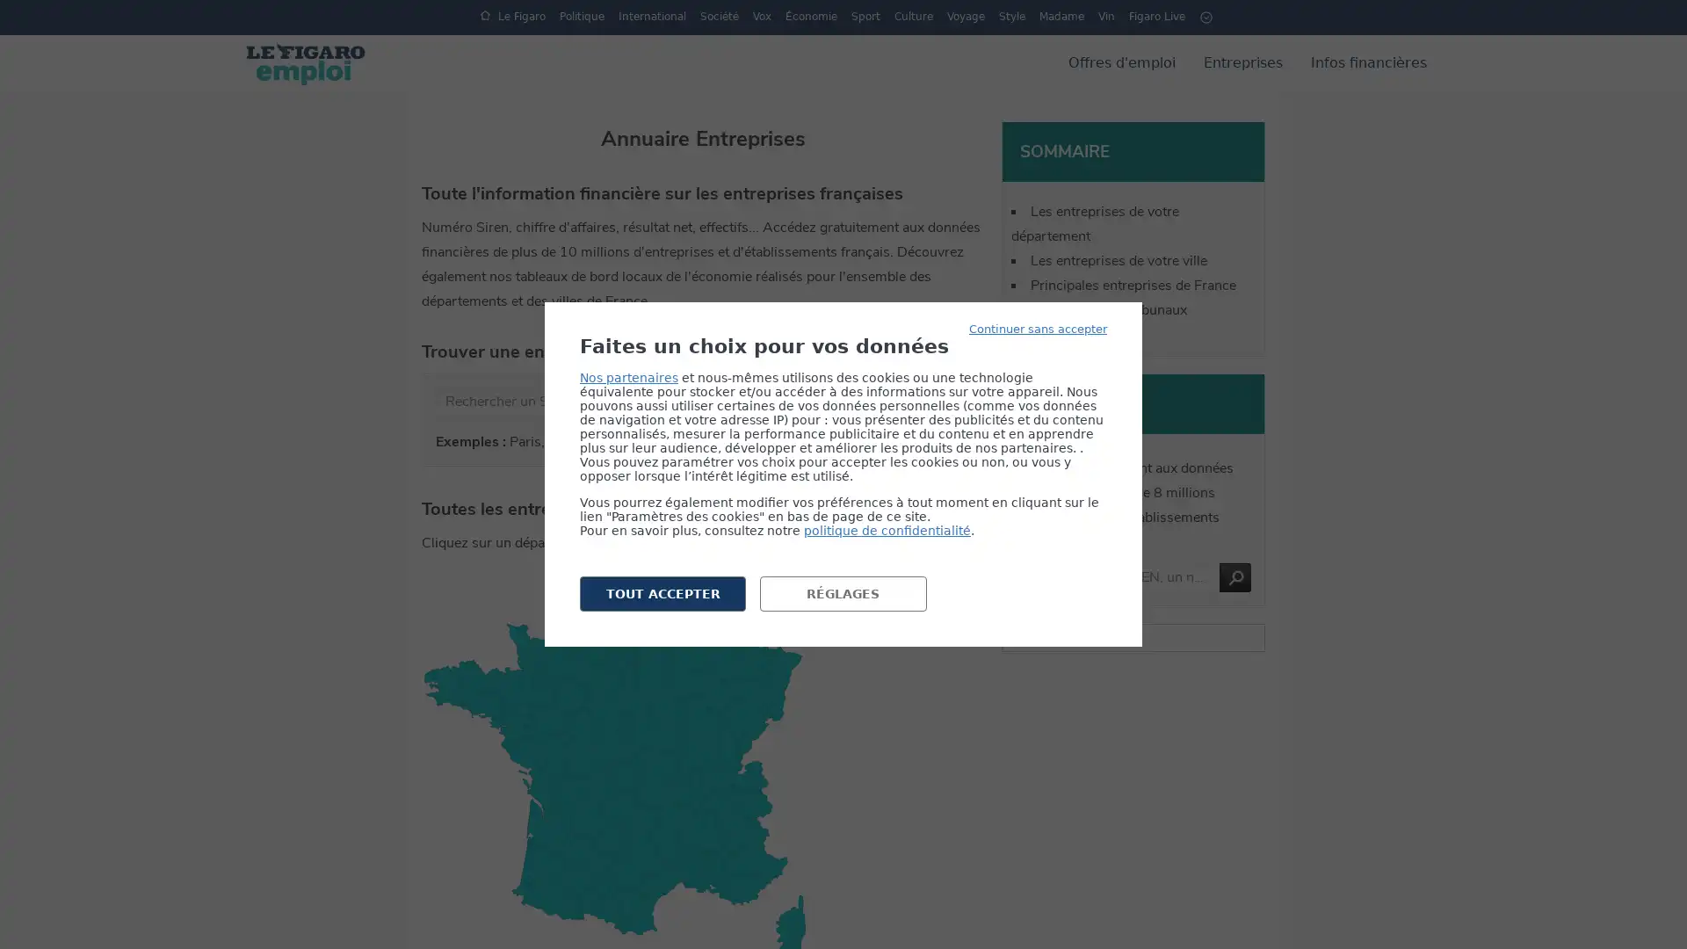 Image resolution: width=1687 pixels, height=949 pixels. Describe the element at coordinates (844, 402) in the screenshot. I see `Rechercher` at that location.